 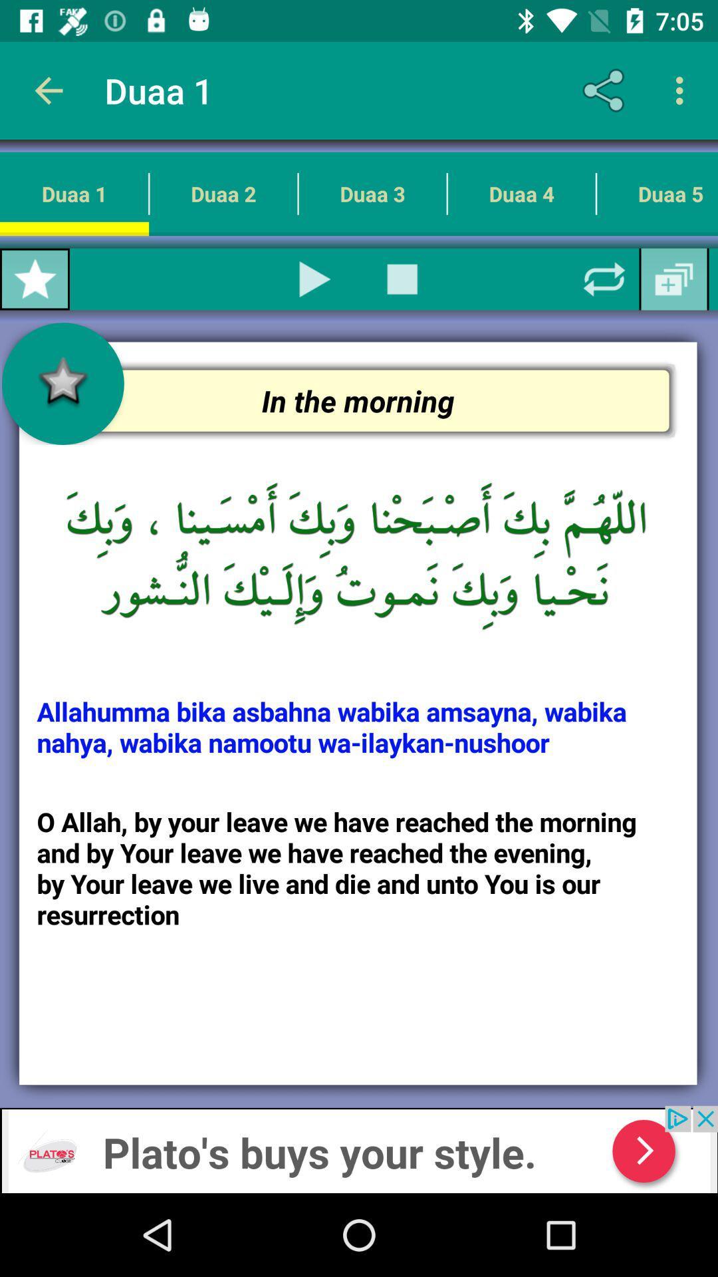 I want to click on the app next to the duaa 1 item, so click(x=606, y=90).